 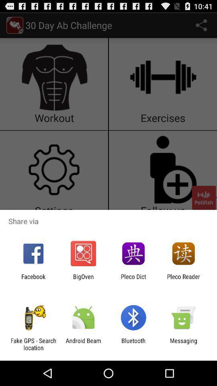 I want to click on the app next to the bigoven icon, so click(x=133, y=280).